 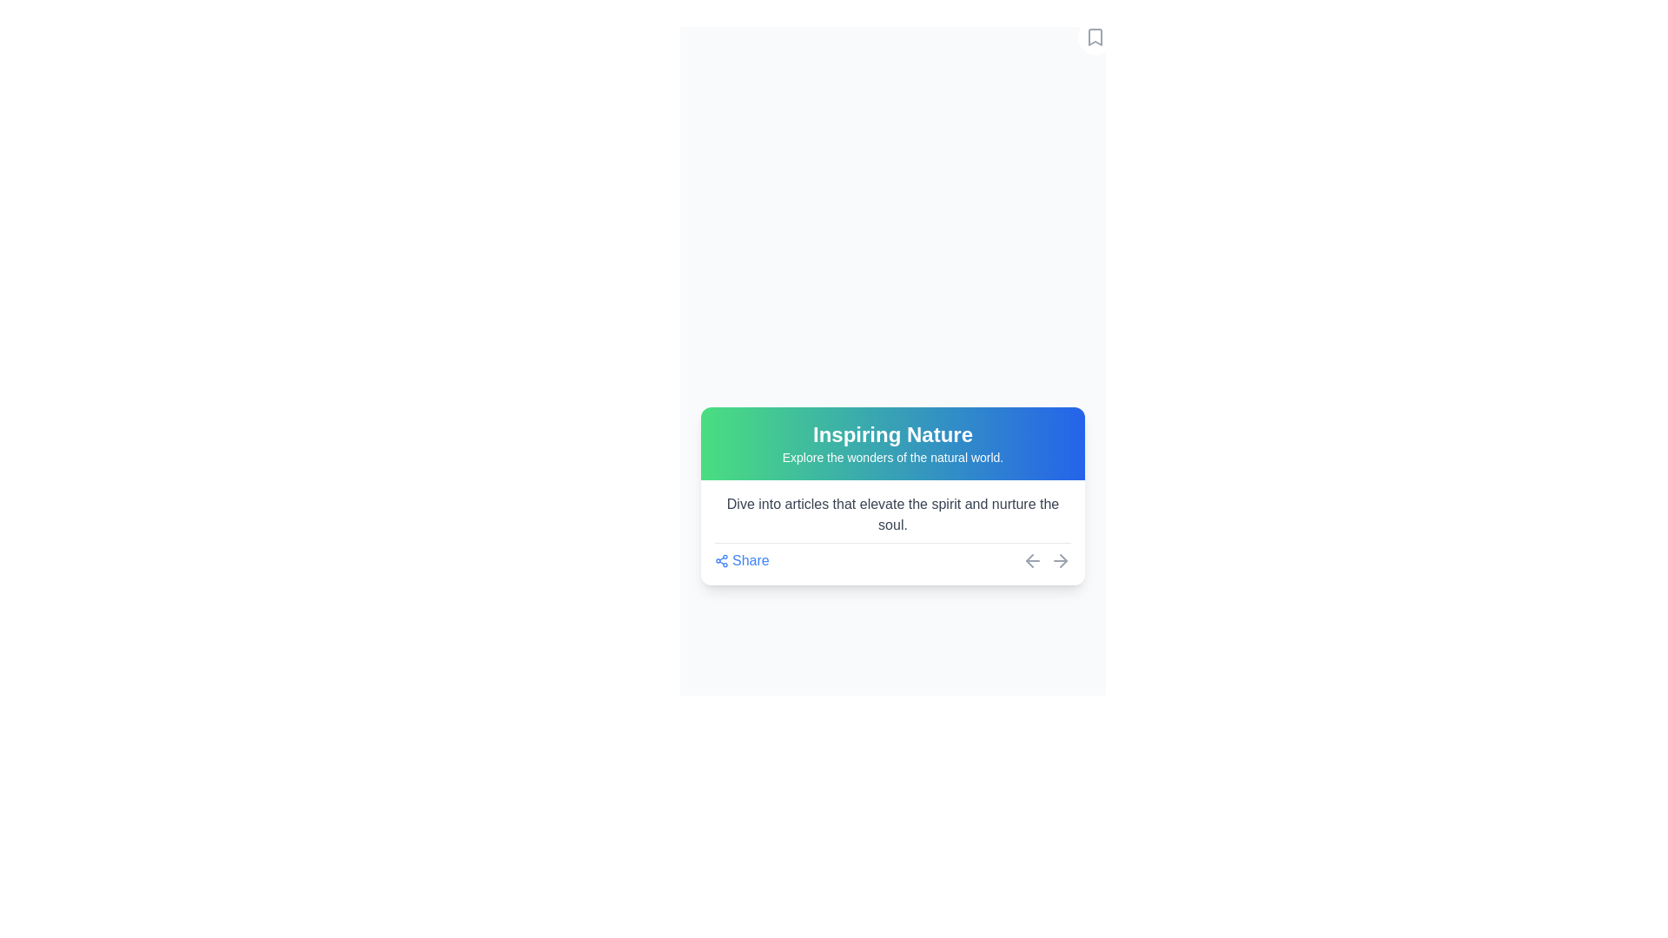 What do you see at coordinates (1033, 559) in the screenshot?
I see `the left arrow button located at the bottom right of the 'Inspiring Nature' card` at bounding box center [1033, 559].